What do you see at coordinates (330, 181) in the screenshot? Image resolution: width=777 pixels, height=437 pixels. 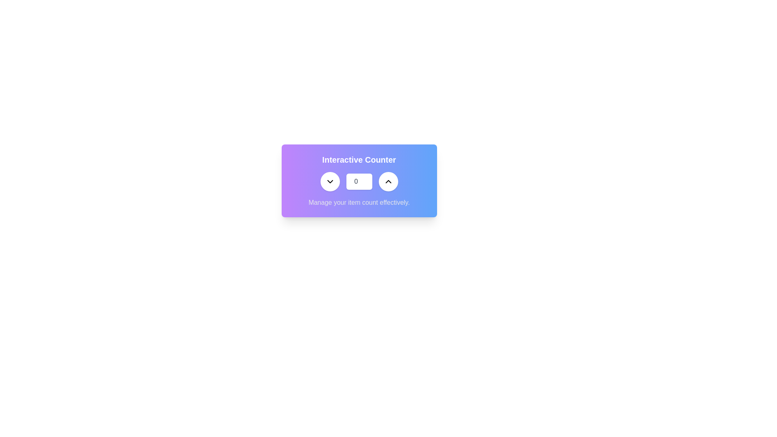 I see `the Dropdown trigger button, which is represented as a downward-pointing arrow symbol on a white circular background` at bounding box center [330, 181].